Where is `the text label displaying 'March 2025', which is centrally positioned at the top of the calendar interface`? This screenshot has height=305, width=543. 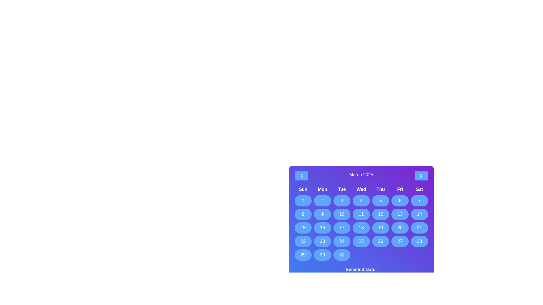
the text label displaying 'March 2025', which is centrally positioned at the top of the calendar interface is located at coordinates (361, 176).